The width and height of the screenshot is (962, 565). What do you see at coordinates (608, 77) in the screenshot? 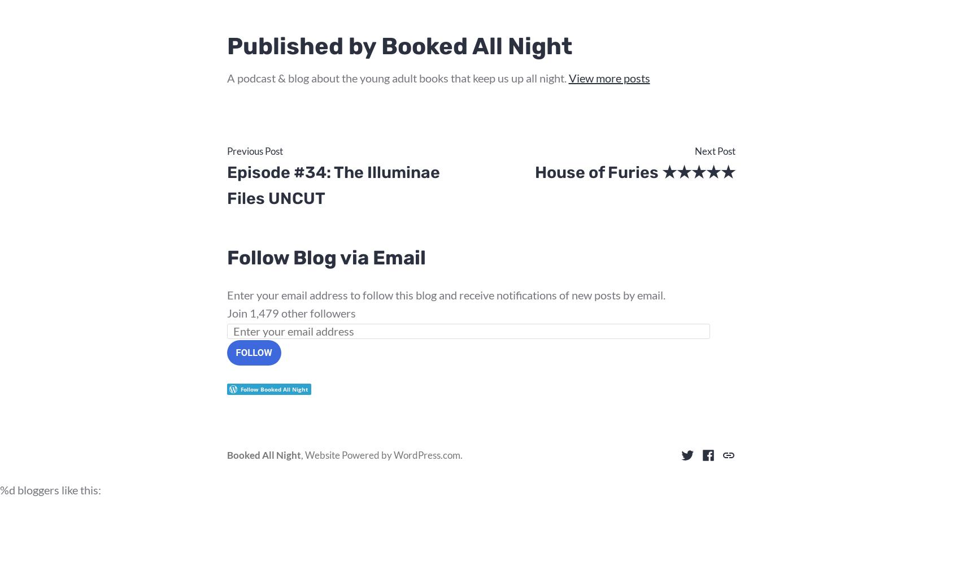
I see `'View more posts'` at bounding box center [608, 77].